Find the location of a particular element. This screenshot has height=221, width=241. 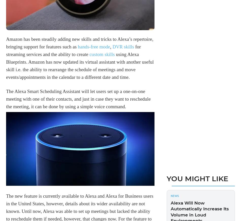

'DVR skills' is located at coordinates (123, 46).